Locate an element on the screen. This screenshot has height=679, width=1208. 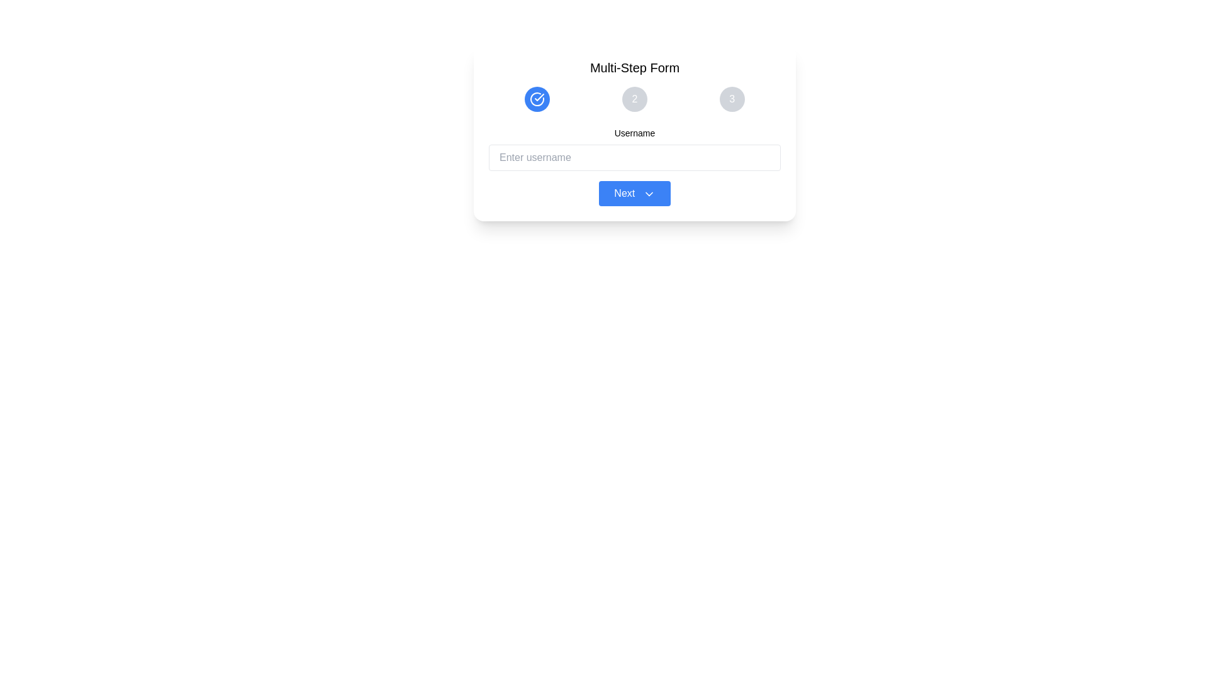
the circular step indicator representing the second step in the multi-step form, located at the top center of the interface is located at coordinates (634, 99).